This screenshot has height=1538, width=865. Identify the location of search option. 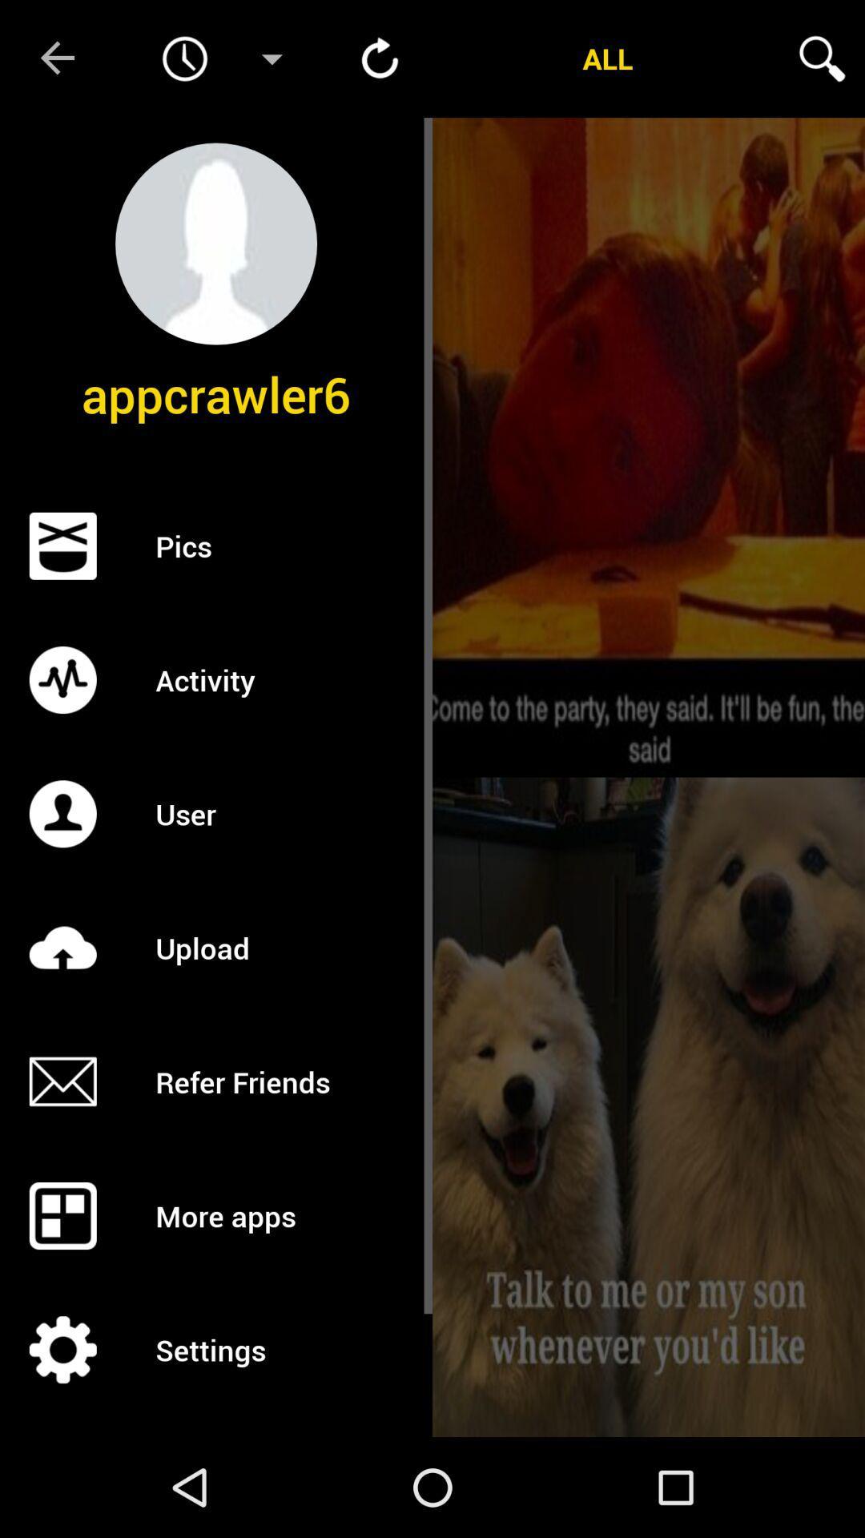
(822, 58).